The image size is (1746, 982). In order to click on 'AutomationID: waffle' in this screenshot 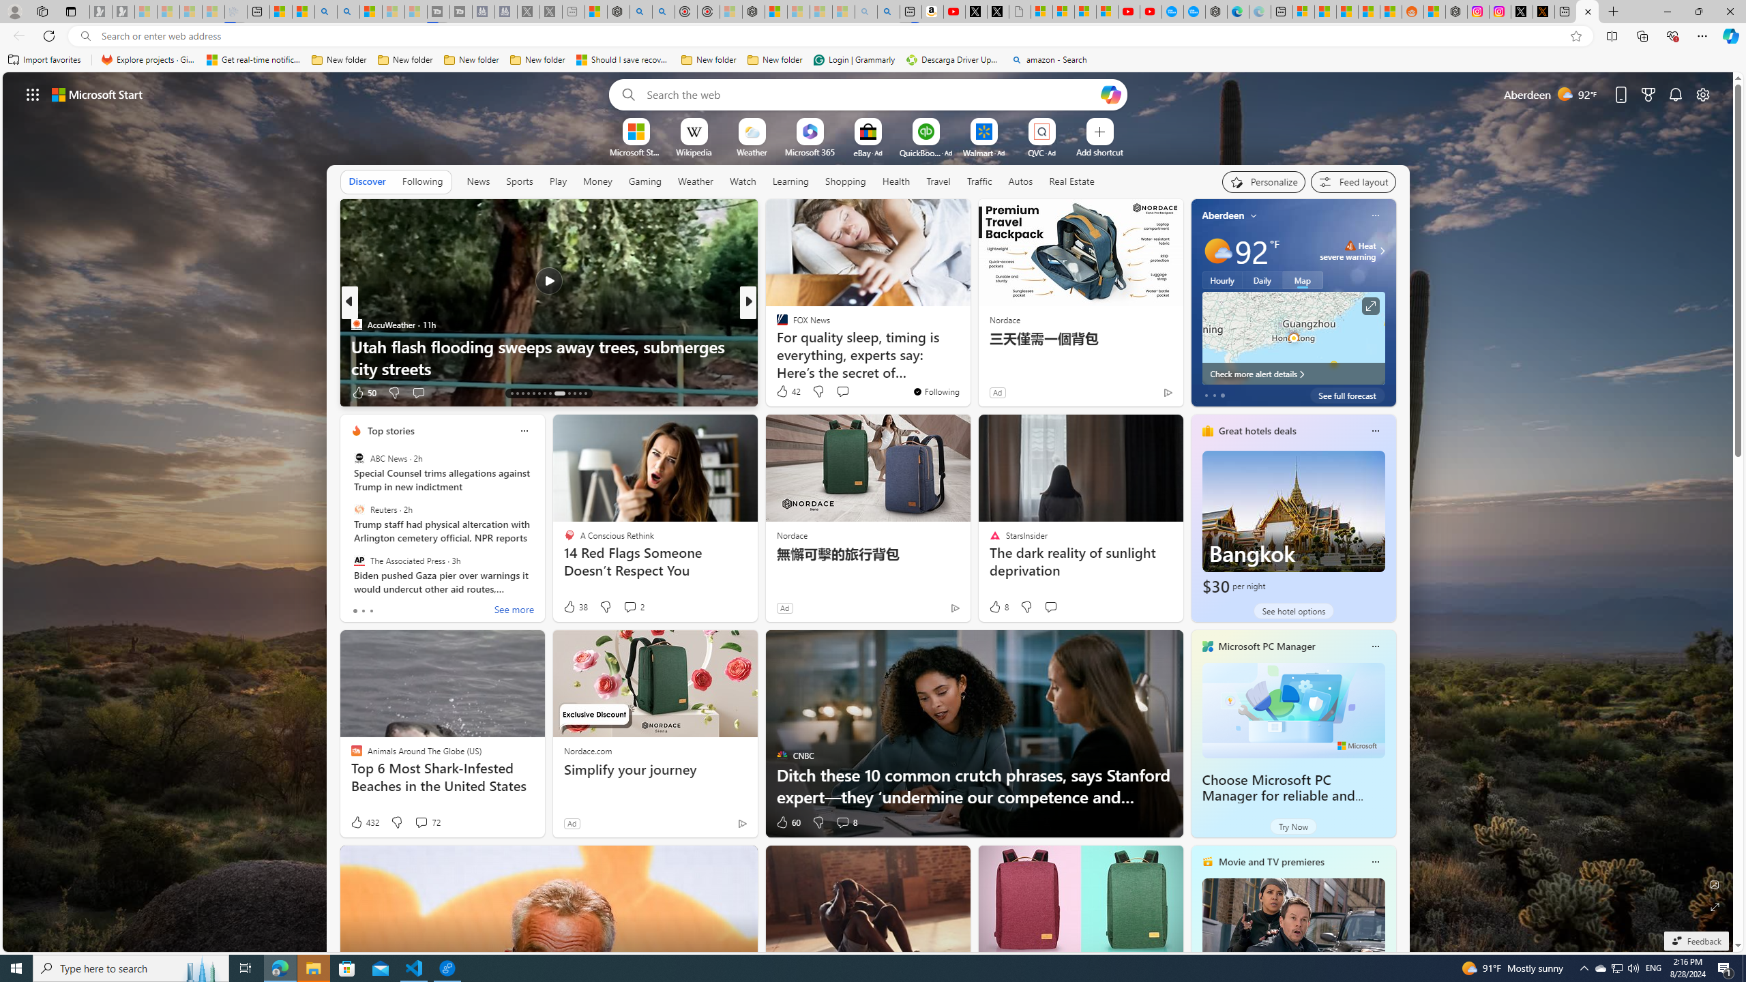, I will do `click(33, 93)`.